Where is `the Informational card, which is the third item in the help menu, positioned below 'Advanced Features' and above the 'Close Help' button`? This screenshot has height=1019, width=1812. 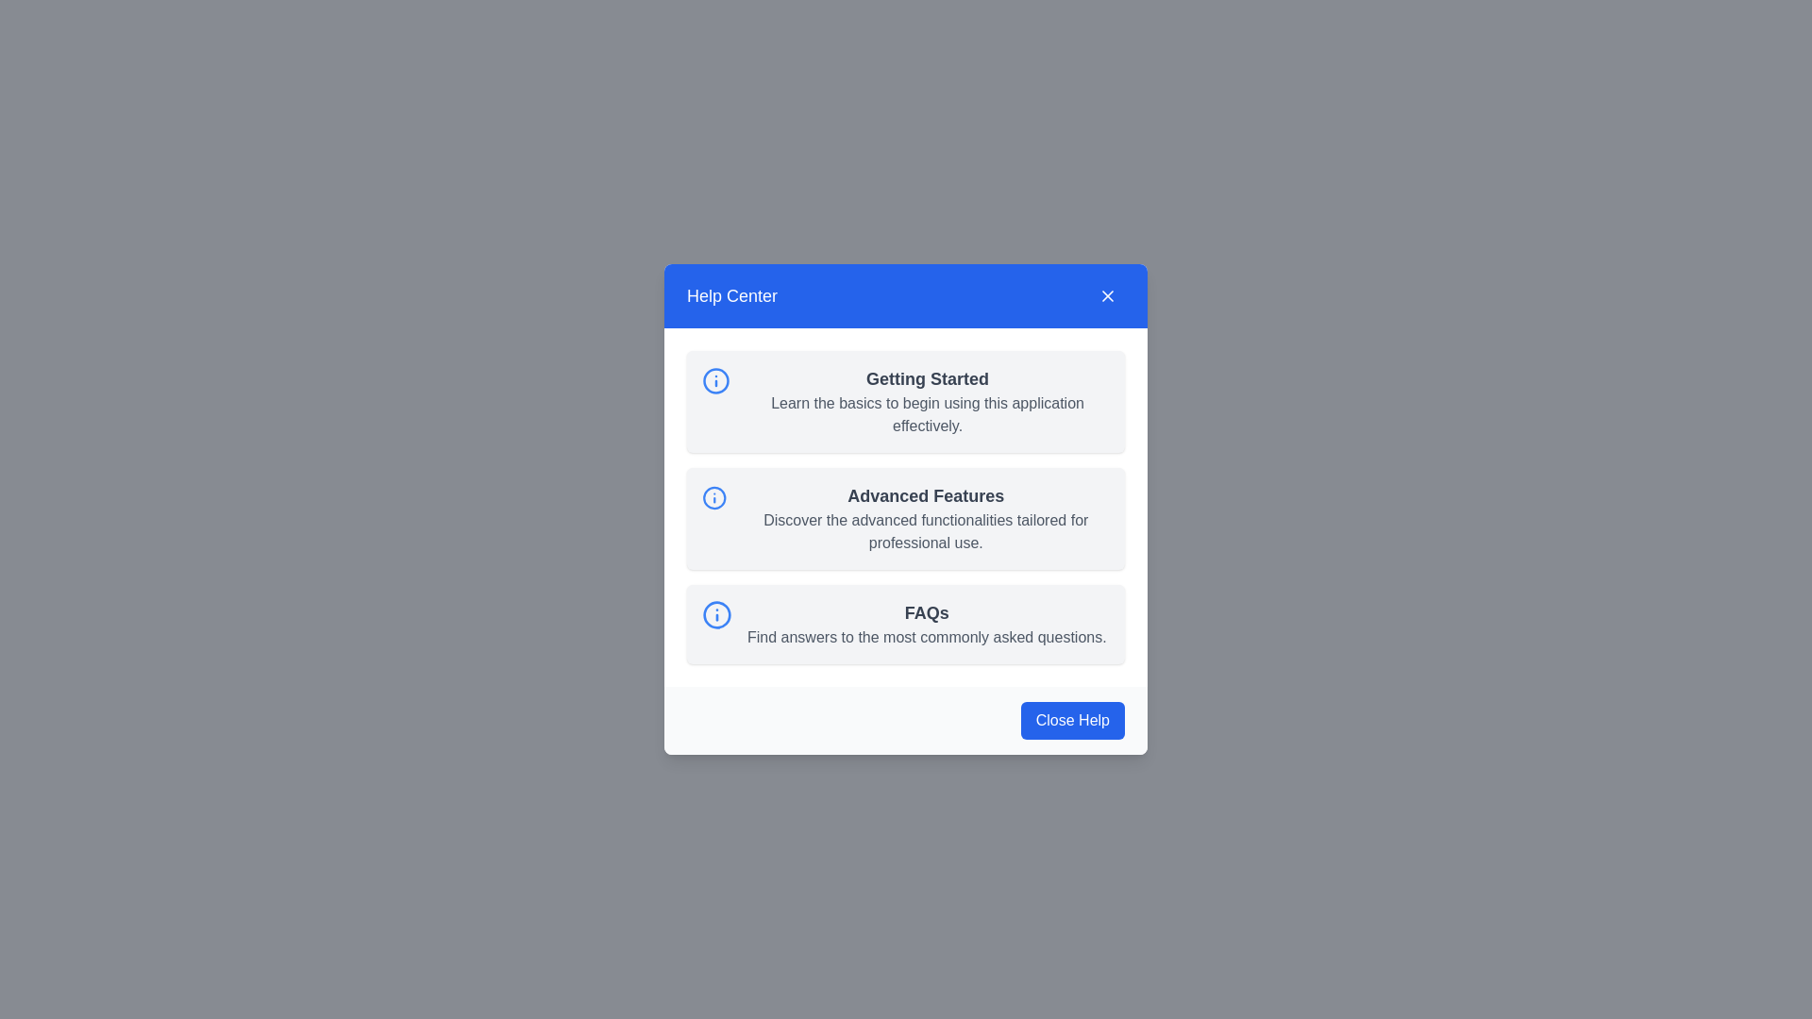 the Informational card, which is the third item in the help menu, positioned below 'Advanced Features' and above the 'Close Help' button is located at coordinates (906, 625).